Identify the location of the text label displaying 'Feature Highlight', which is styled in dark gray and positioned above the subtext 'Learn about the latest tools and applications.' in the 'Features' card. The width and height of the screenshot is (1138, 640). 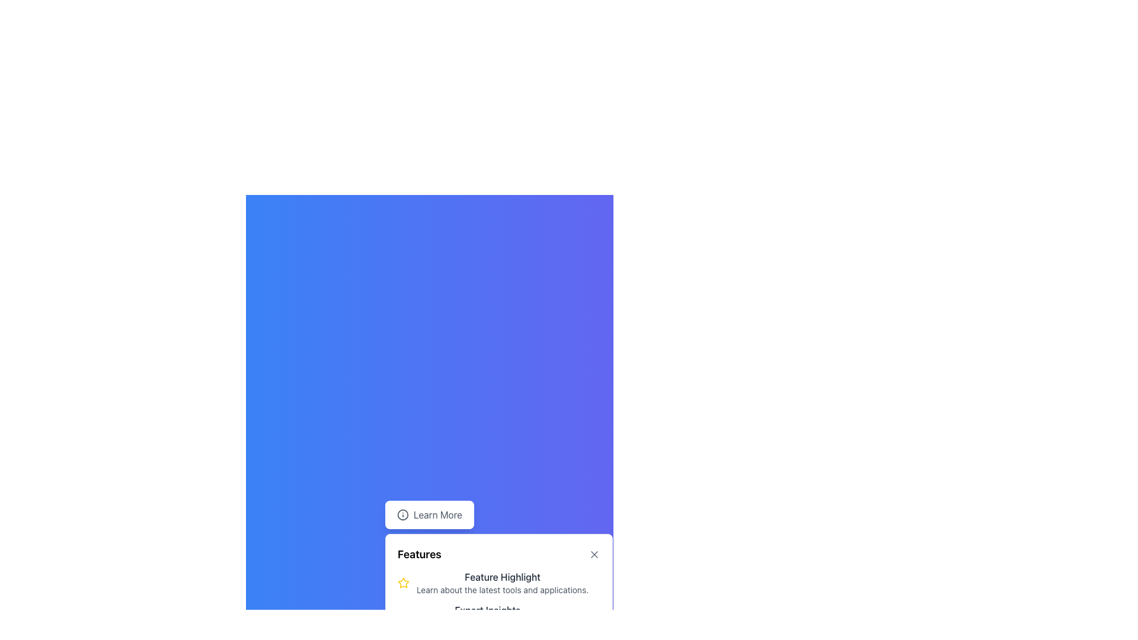
(503, 577).